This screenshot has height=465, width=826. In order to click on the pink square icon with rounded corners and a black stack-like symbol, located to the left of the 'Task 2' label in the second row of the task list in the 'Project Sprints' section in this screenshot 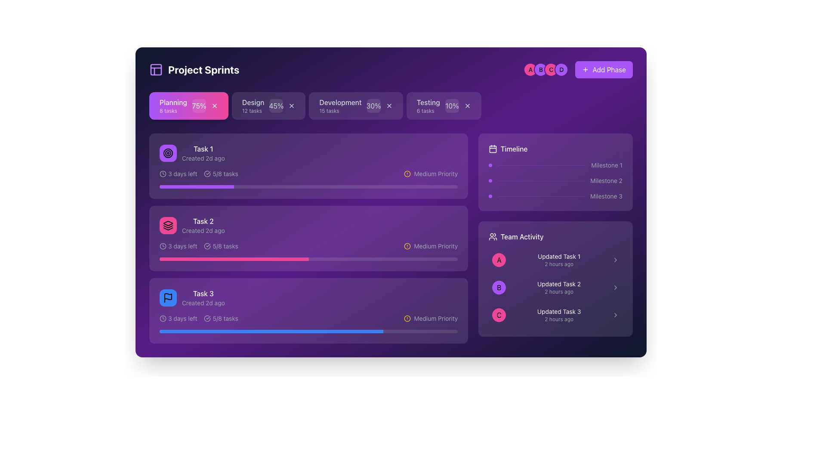, I will do `click(168, 225)`.